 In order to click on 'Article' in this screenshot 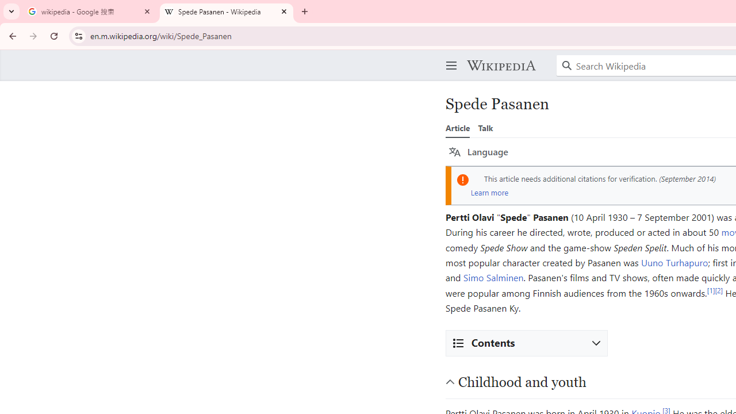, I will do `click(457, 128)`.